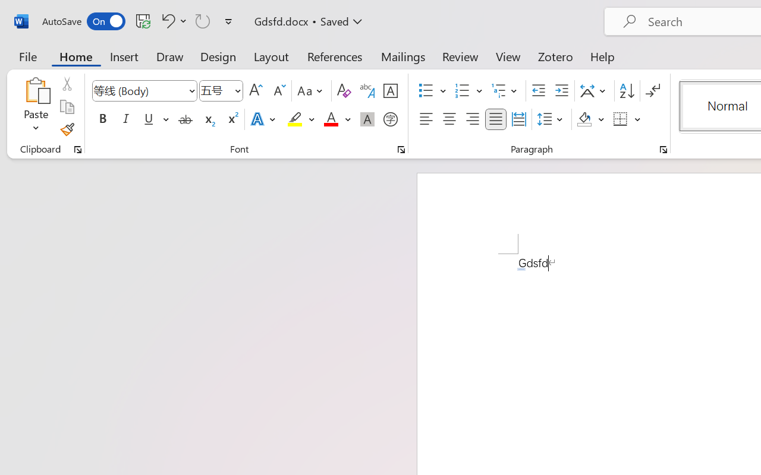 This screenshot has width=761, height=475. I want to click on 'Text Effects and Typography', so click(263, 119).